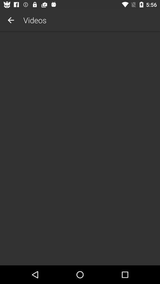 This screenshot has width=160, height=284. What do you see at coordinates (11, 20) in the screenshot?
I see `the app to the left of the videos` at bounding box center [11, 20].